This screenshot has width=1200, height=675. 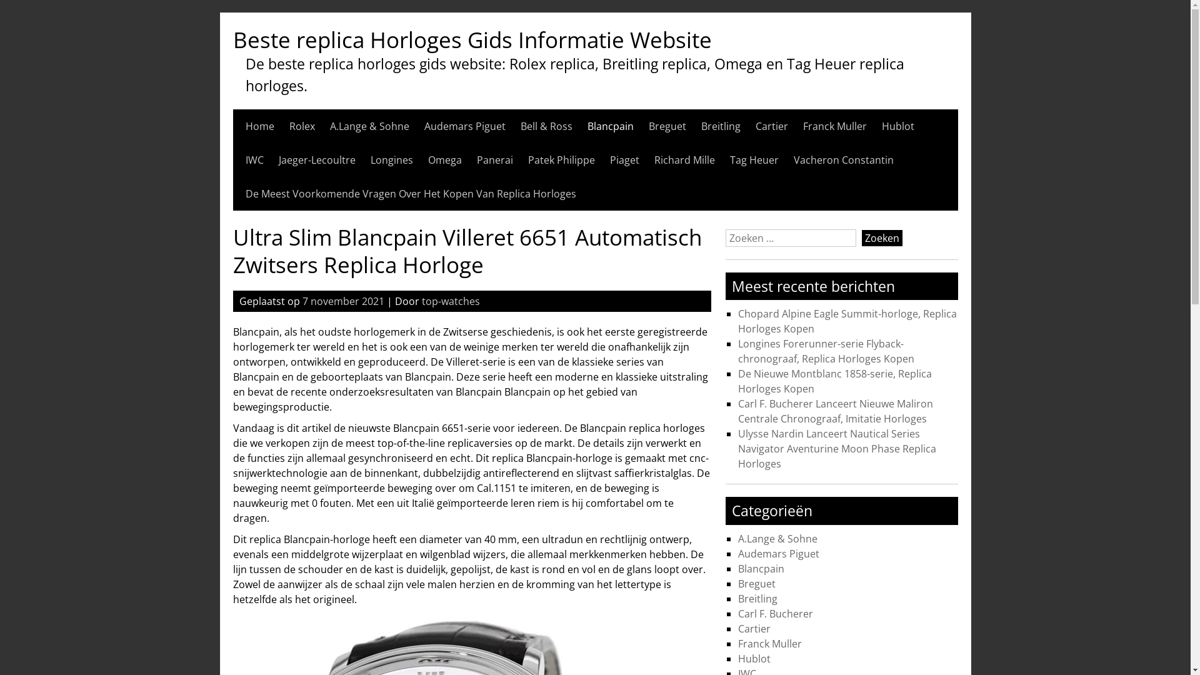 What do you see at coordinates (258, 126) in the screenshot?
I see `'Home'` at bounding box center [258, 126].